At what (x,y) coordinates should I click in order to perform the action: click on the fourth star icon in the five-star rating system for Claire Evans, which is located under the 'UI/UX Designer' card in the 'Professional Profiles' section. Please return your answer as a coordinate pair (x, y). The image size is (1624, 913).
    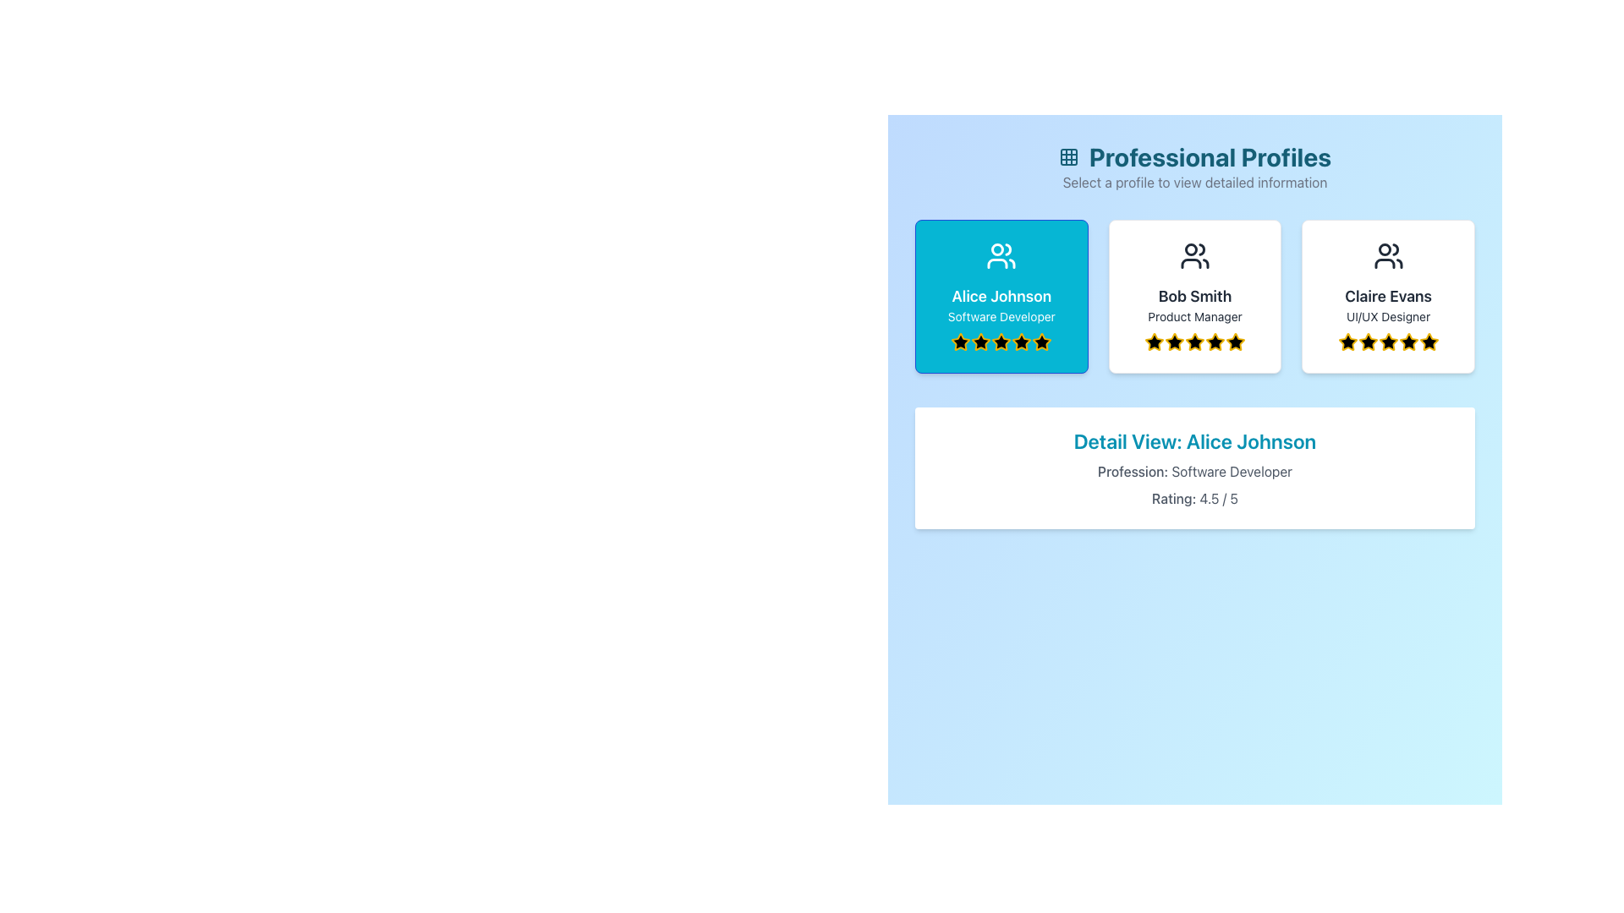
    Looking at the image, I should click on (1388, 342).